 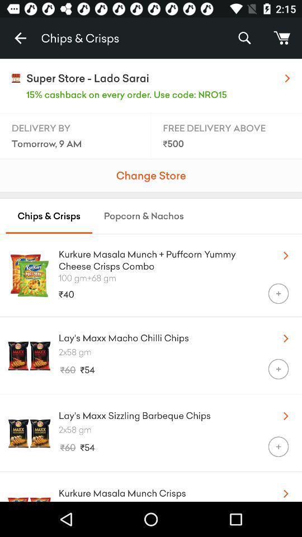 What do you see at coordinates (277, 446) in the screenshot?
I see `+` at bounding box center [277, 446].